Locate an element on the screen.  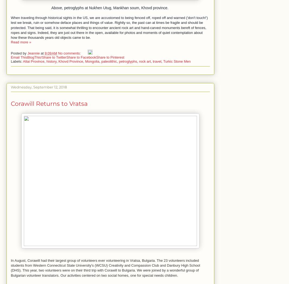
'Mongolia' is located at coordinates (92, 61).